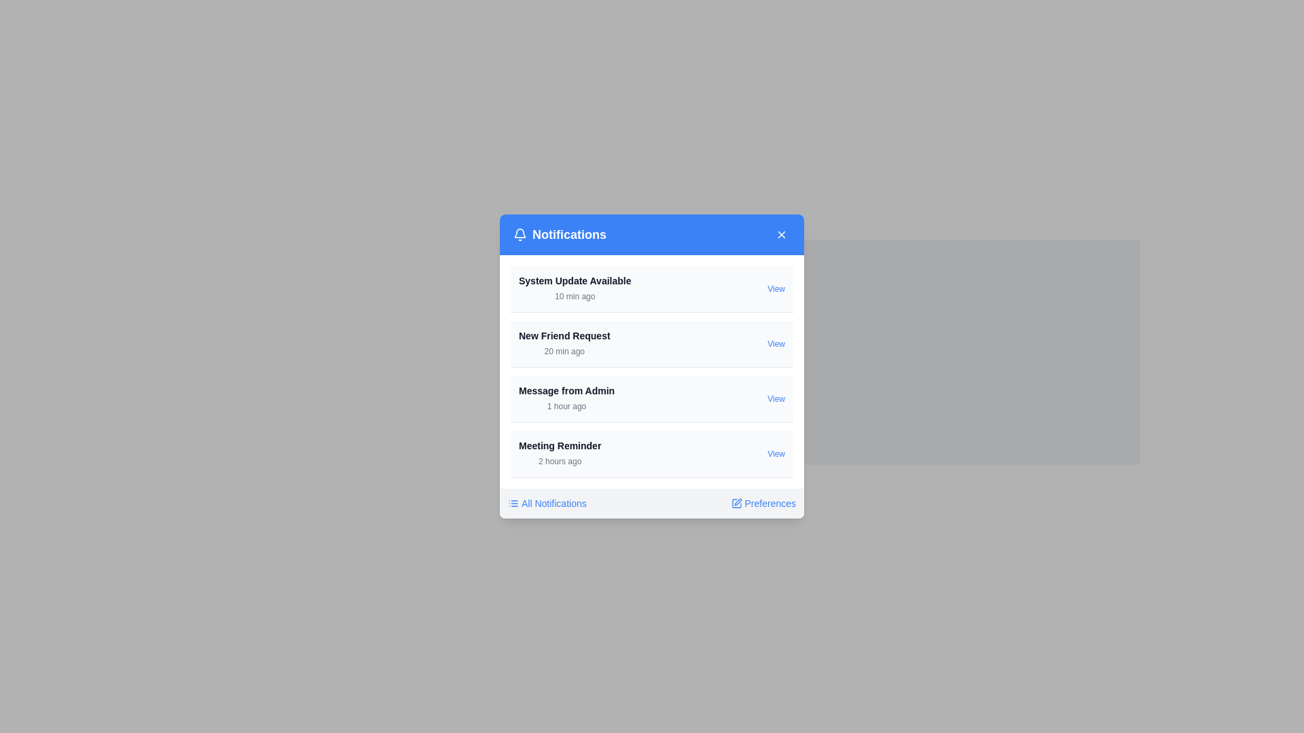  I want to click on the first Notification entry in the notification panel that summarizes a system alert or update, located below the 'Notifications' header, so click(575, 288).